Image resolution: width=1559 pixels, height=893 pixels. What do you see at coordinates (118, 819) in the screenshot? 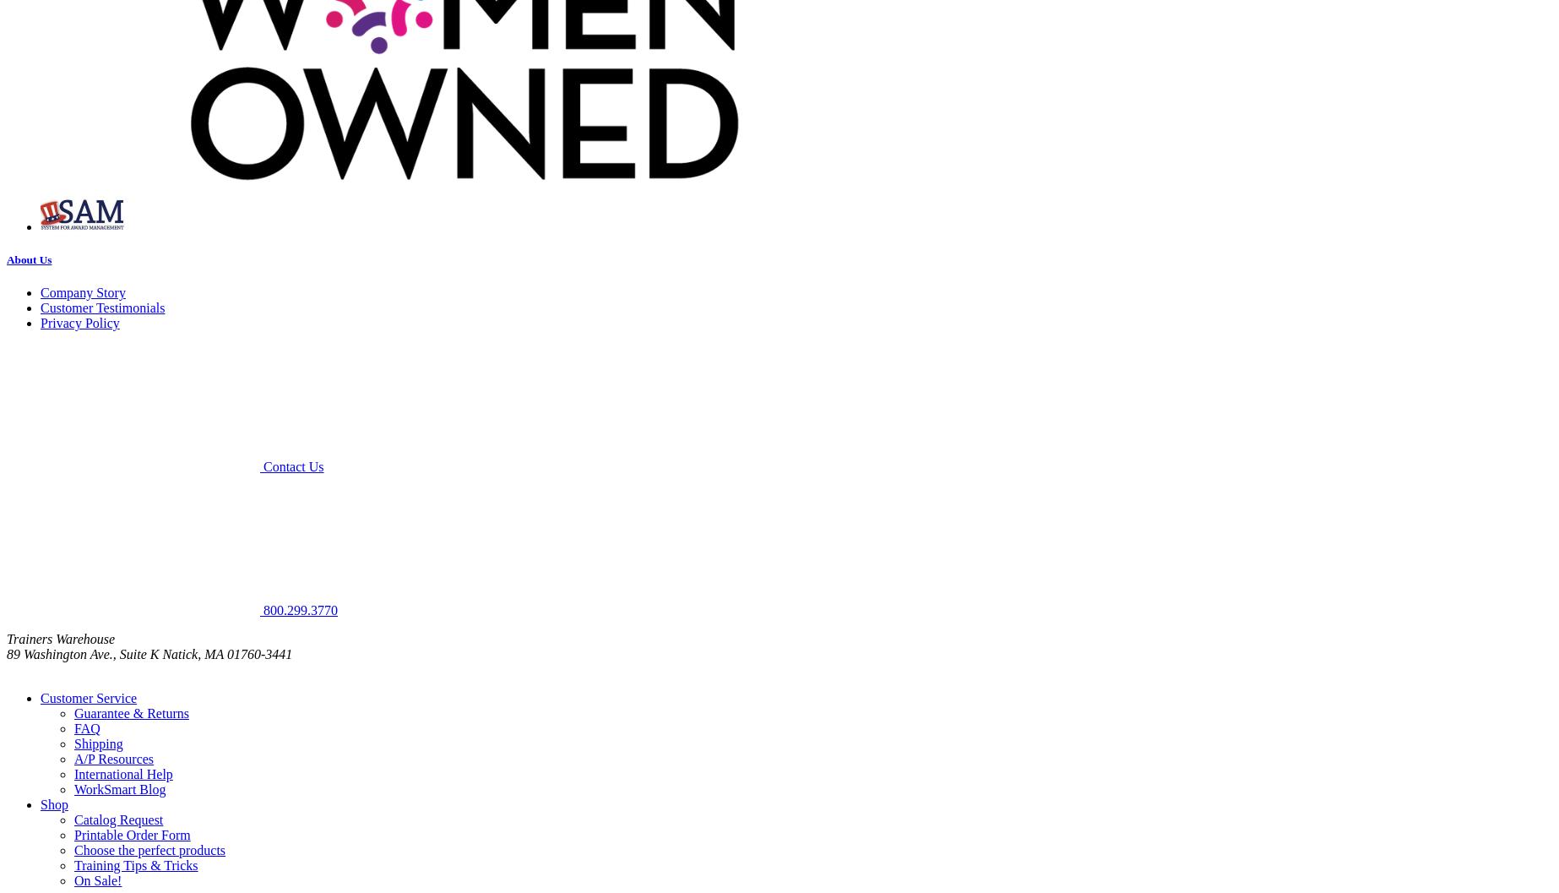
I see `'Catalog Request'` at bounding box center [118, 819].